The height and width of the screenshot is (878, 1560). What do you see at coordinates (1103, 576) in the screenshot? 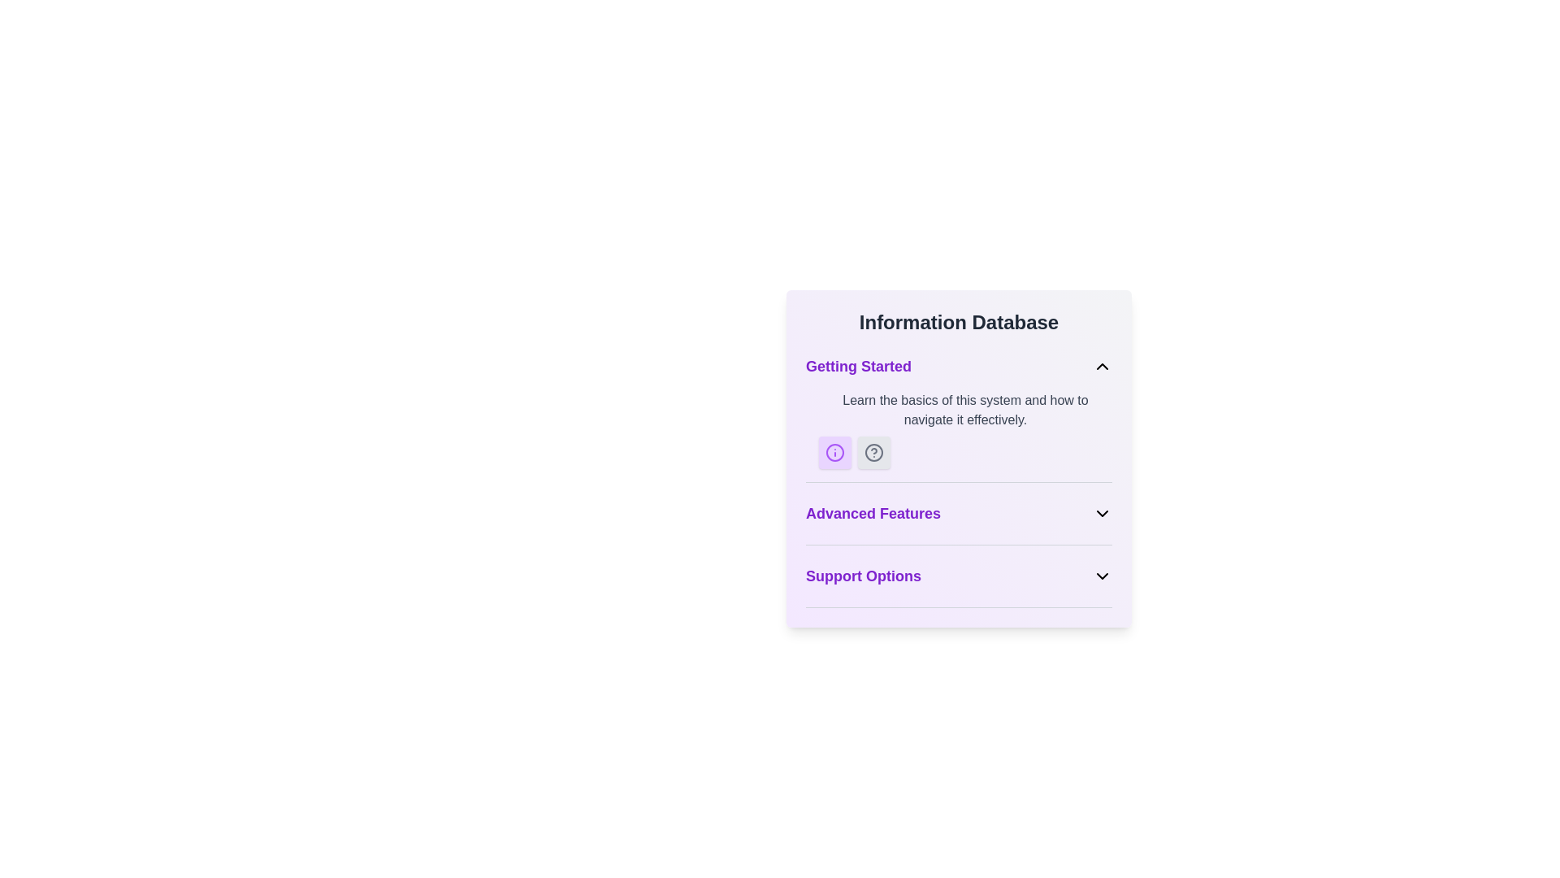
I see `the downward-pointing chevron icon located at the far right of the 'Support Options' section header` at bounding box center [1103, 576].